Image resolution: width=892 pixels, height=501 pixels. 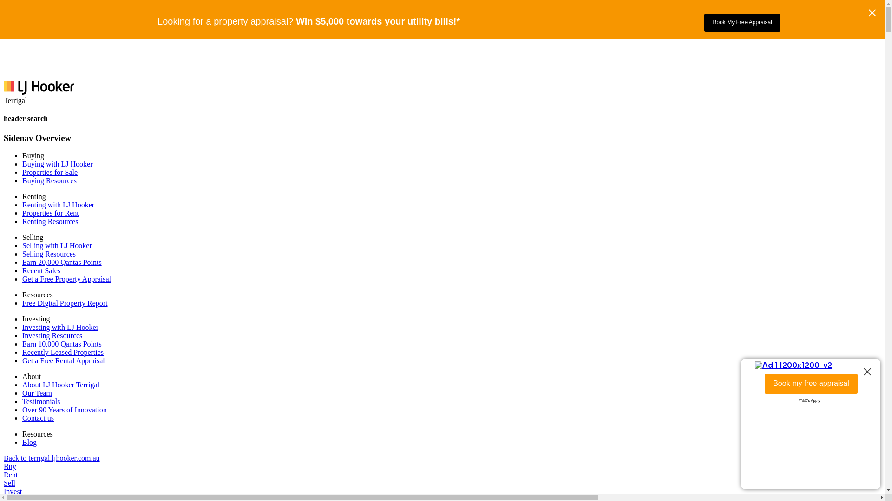 What do you see at coordinates (4, 475) in the screenshot?
I see `'Rent'` at bounding box center [4, 475].